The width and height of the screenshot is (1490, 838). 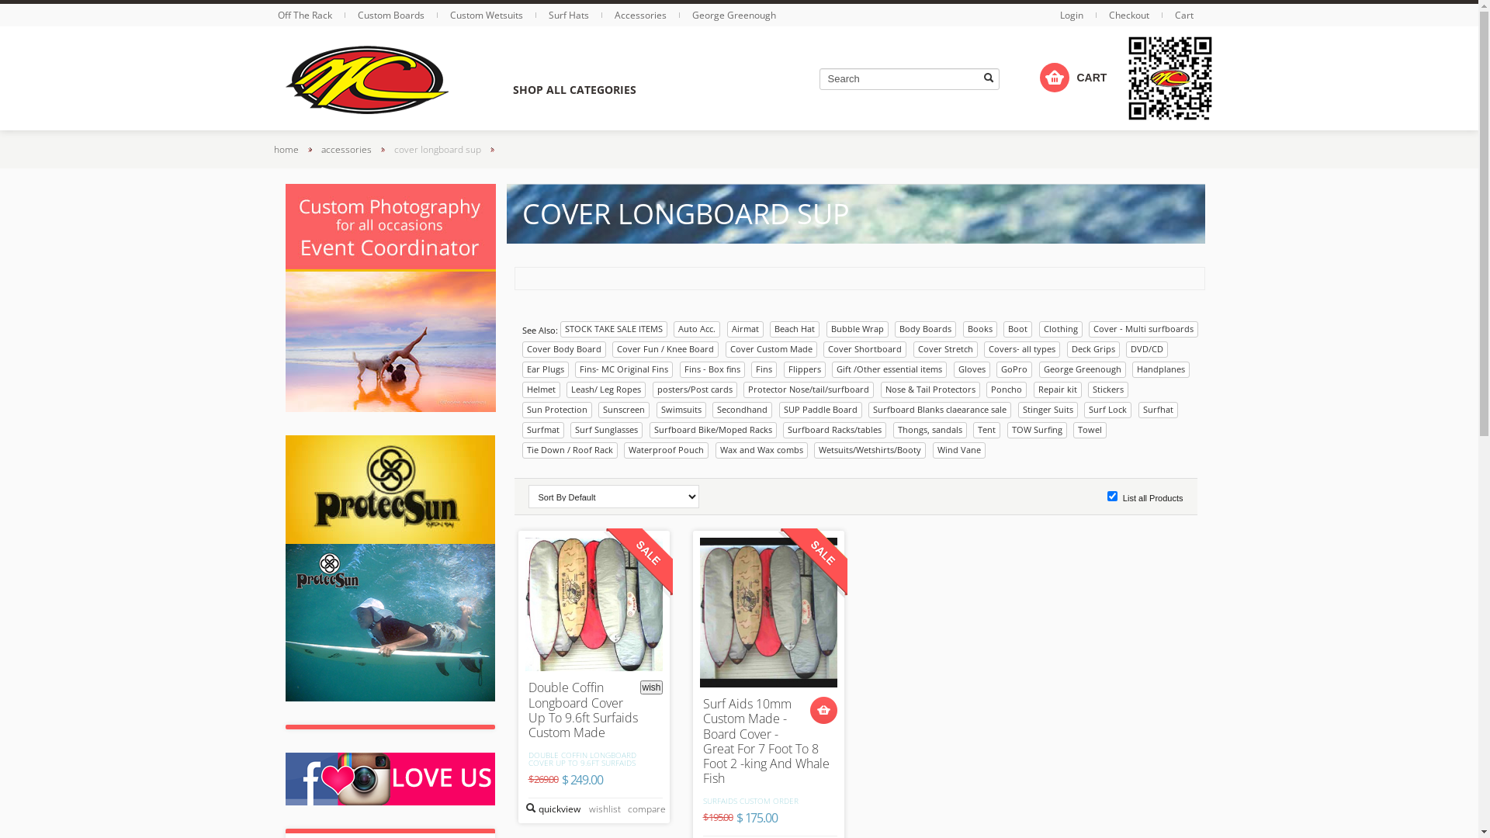 What do you see at coordinates (278, 15) in the screenshot?
I see `'Off The Rack'` at bounding box center [278, 15].